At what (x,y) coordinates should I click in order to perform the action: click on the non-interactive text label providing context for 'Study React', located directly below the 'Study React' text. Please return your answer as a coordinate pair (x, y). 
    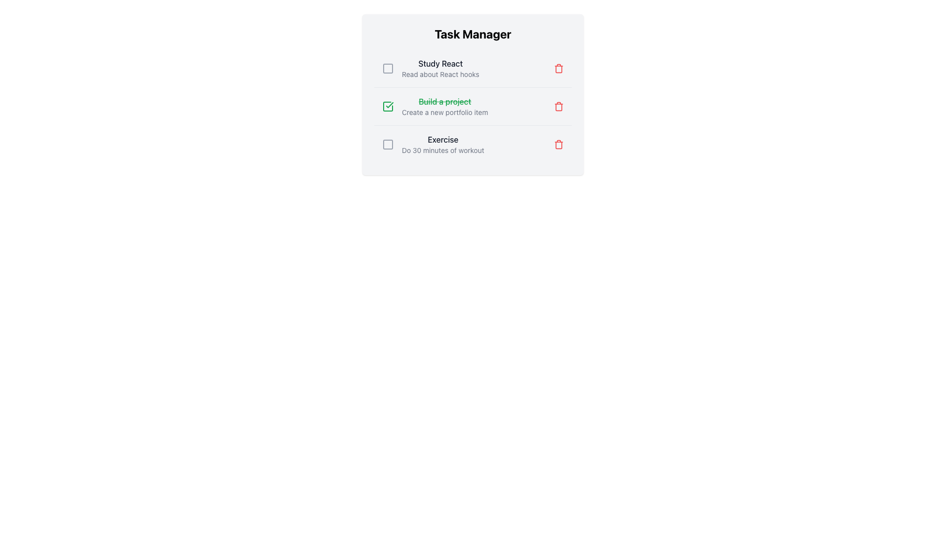
    Looking at the image, I should click on (440, 74).